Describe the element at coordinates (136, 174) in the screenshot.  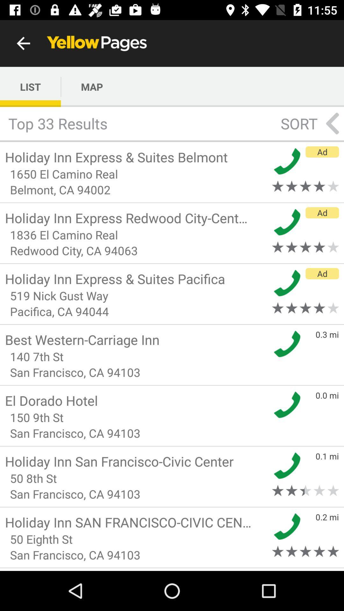
I see `item below holiday inn express icon` at that location.